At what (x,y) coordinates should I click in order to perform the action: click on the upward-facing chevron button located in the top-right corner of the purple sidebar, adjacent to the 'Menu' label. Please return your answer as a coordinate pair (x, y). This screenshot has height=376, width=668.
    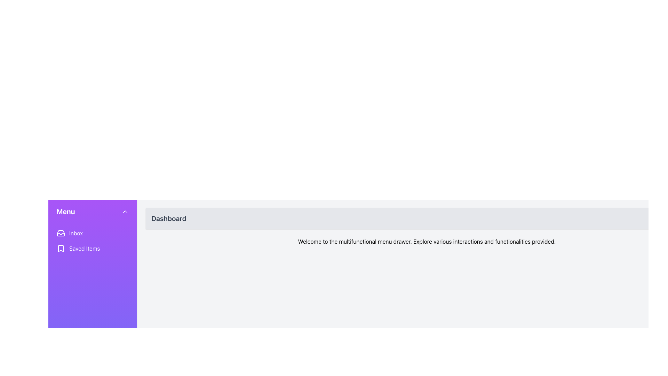
    Looking at the image, I should click on (125, 211).